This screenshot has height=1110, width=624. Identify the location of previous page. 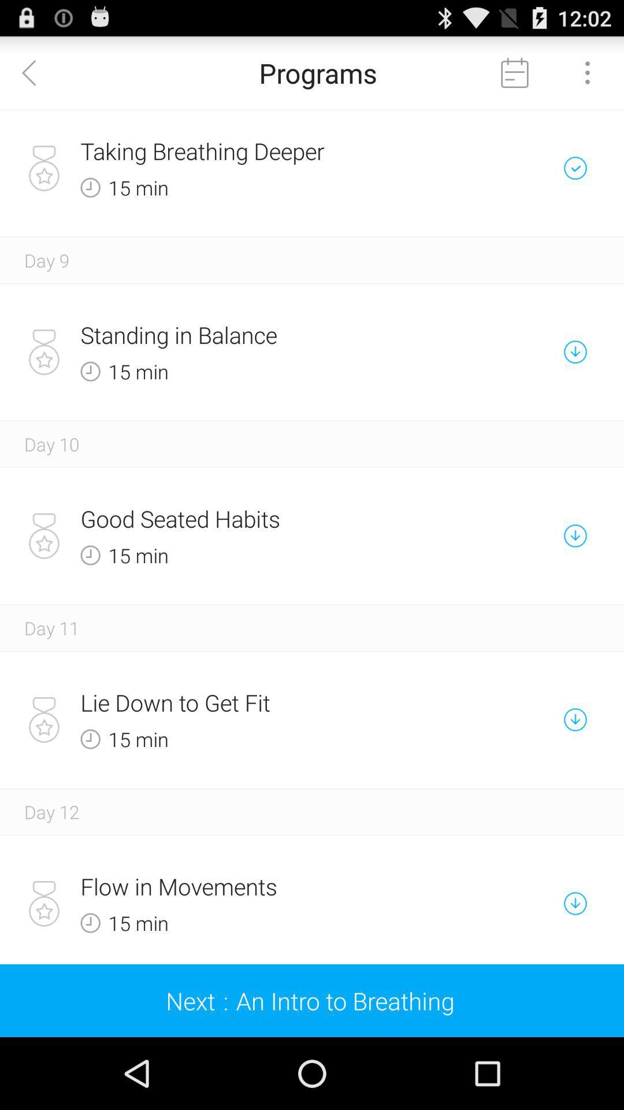
(35, 72).